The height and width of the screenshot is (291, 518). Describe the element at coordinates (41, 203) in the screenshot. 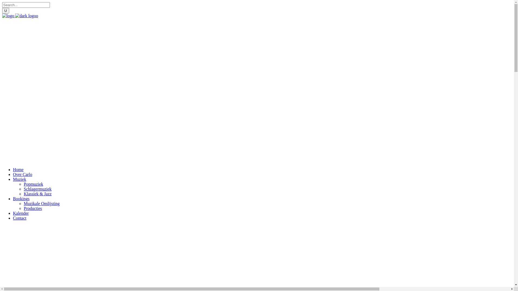

I see `'Muzikale Omlijsting'` at that location.